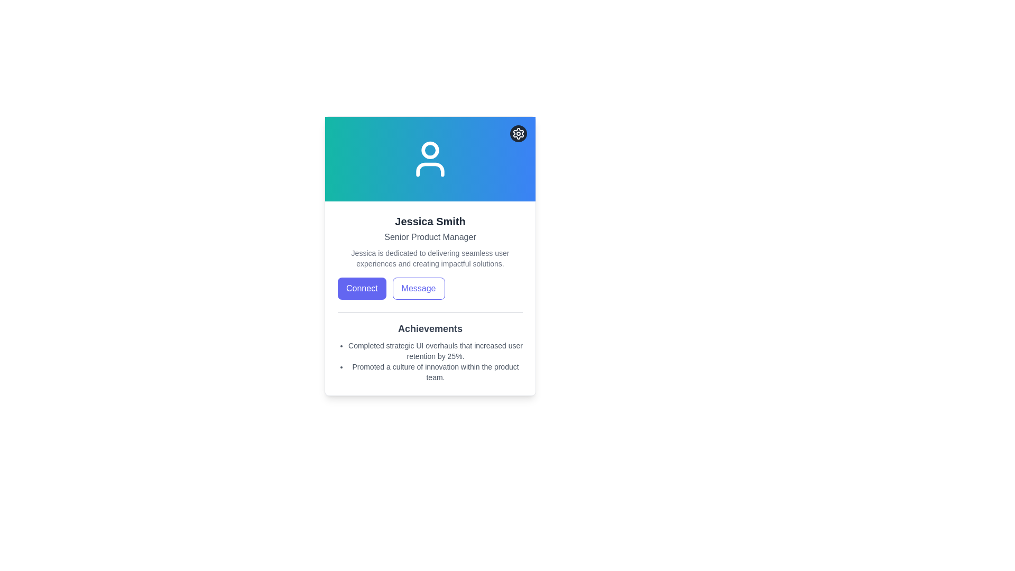 The image size is (1015, 571). I want to click on the rectangular 'Message' button with purple text and rounded corners to observe its hover effects, so click(418, 289).